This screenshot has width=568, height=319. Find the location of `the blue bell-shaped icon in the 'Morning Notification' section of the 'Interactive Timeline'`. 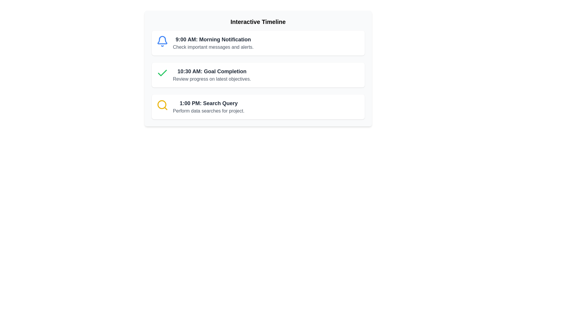

the blue bell-shaped icon in the 'Morning Notification' section of the 'Interactive Timeline' is located at coordinates (162, 40).